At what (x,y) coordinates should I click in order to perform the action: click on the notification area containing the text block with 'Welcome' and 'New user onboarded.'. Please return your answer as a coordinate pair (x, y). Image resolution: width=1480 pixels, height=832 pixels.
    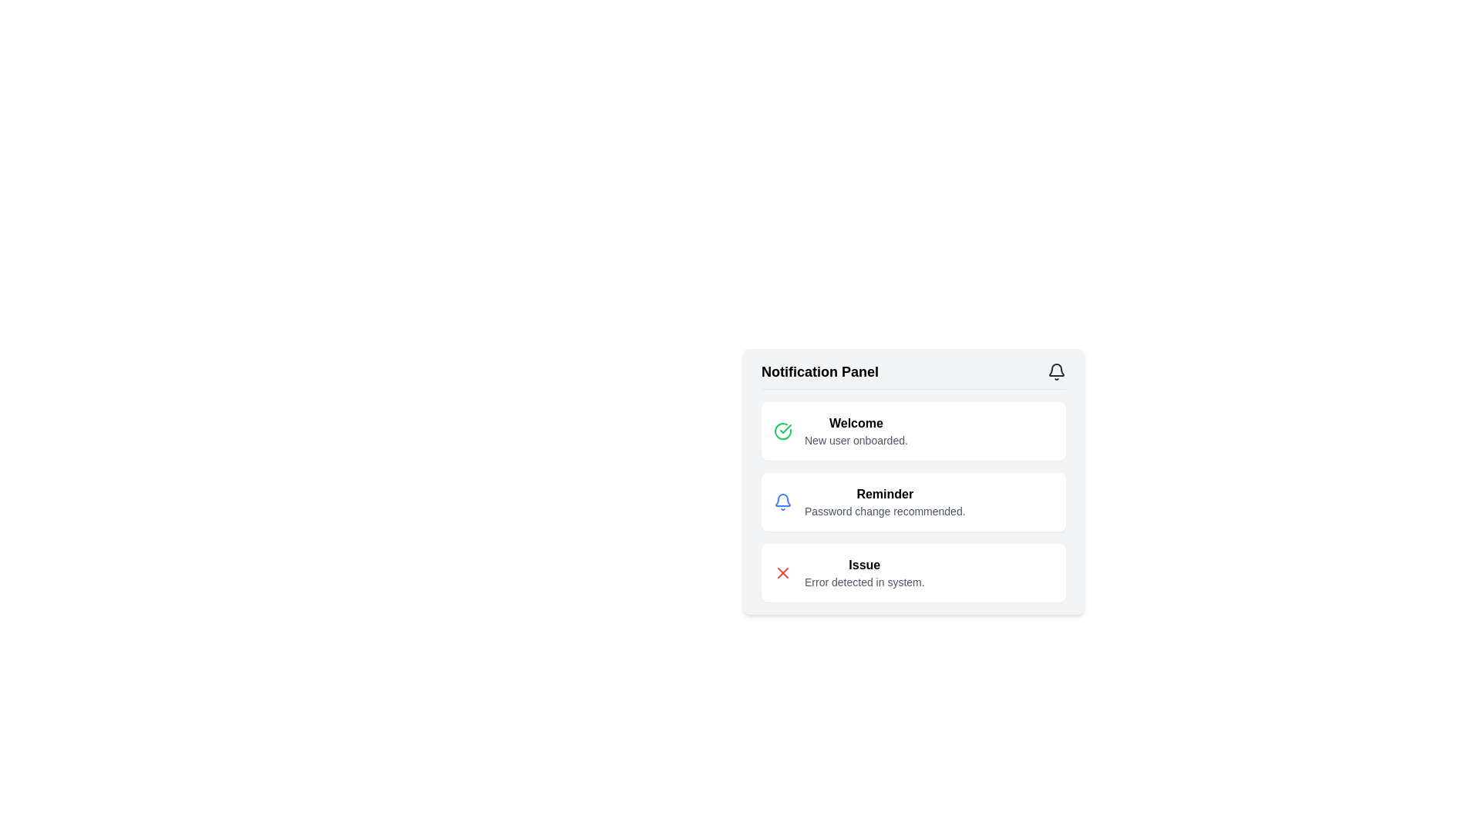
    Looking at the image, I should click on (855, 431).